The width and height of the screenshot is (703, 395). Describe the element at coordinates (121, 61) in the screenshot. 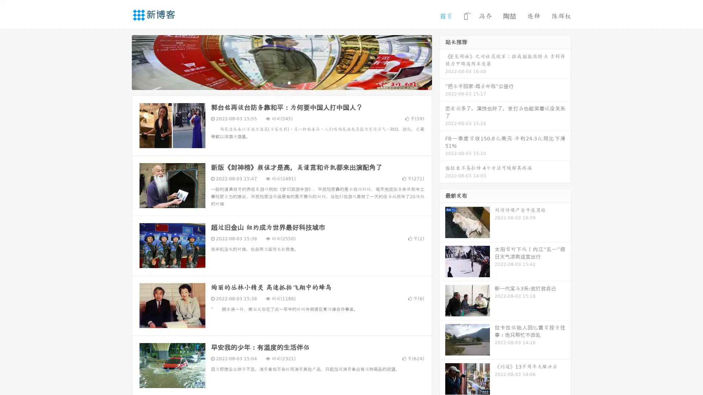

I see `Previous slide` at that location.